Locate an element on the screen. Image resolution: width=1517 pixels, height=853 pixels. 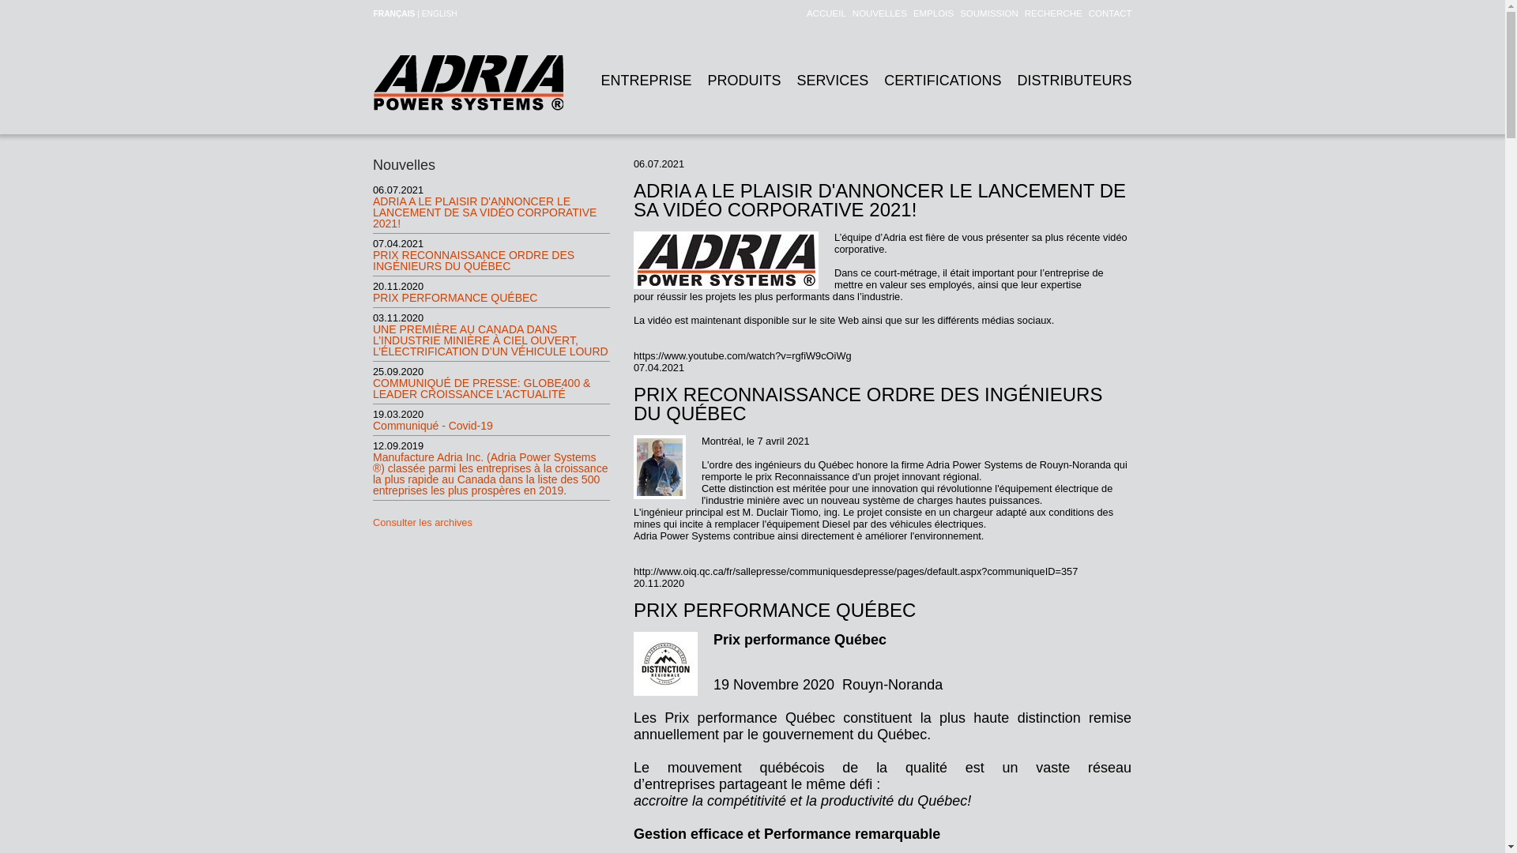
'ENTREPRISE' is located at coordinates (646, 80).